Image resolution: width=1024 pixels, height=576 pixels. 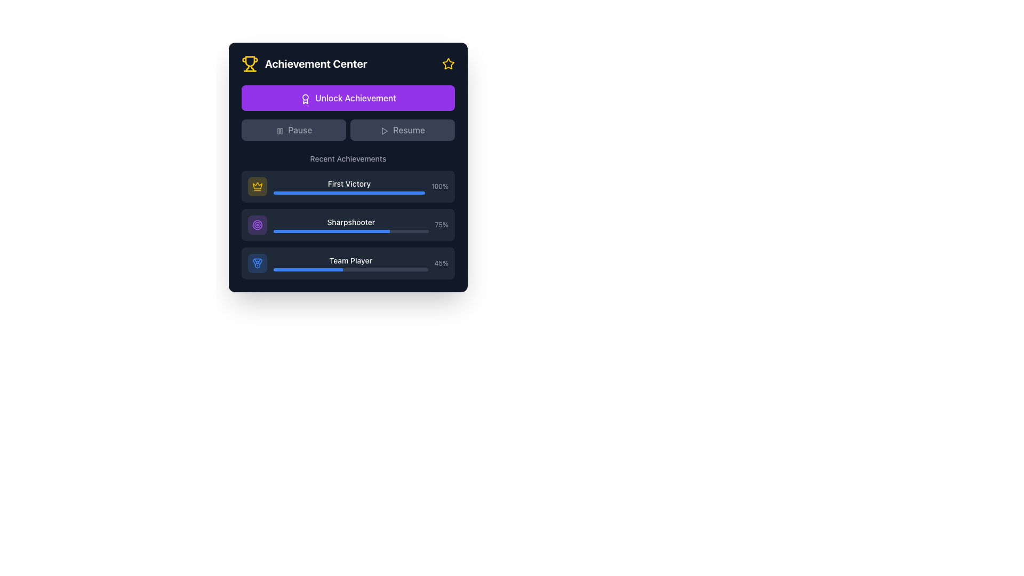 I want to click on the button with the vibrant purple background and the text 'Unlock Achievement', so click(x=348, y=98).